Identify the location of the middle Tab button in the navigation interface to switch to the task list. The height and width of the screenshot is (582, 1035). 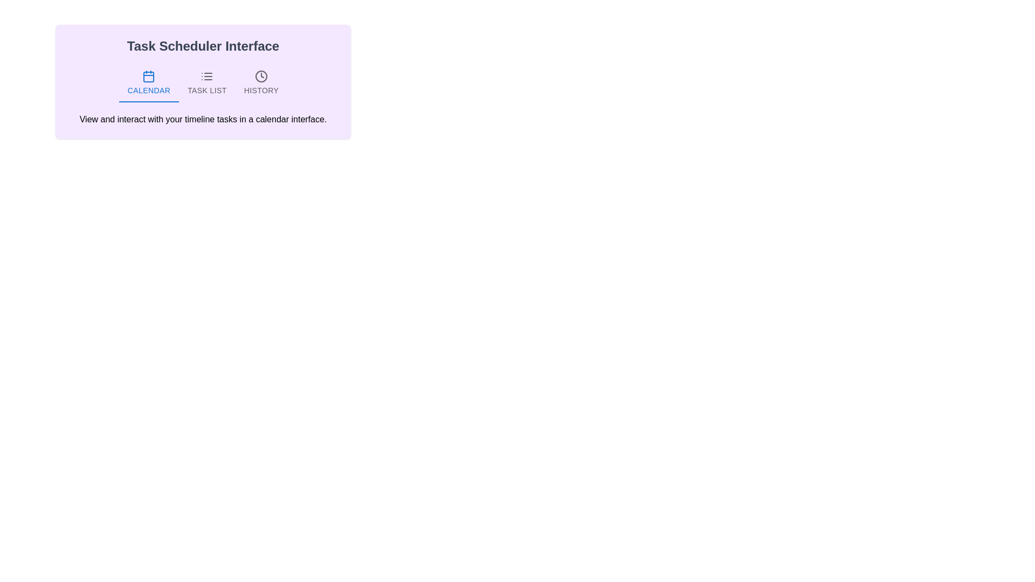
(207, 82).